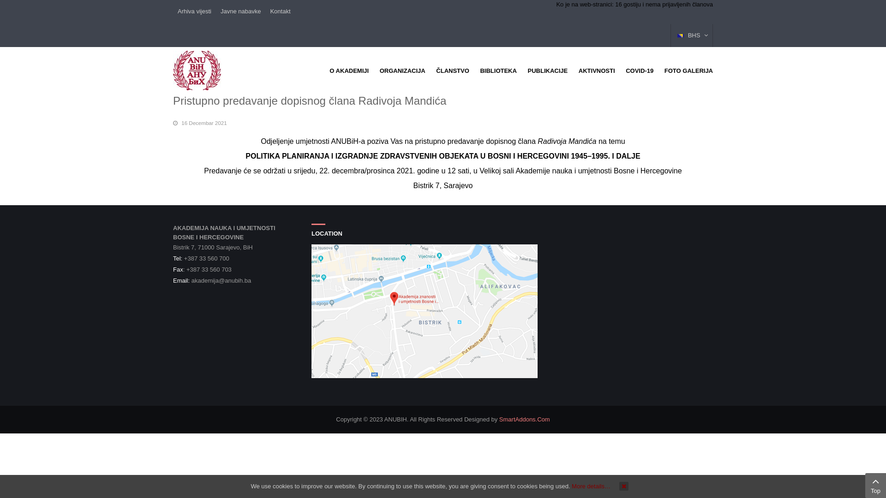 This screenshot has width=886, height=498. What do you see at coordinates (240, 11) in the screenshot?
I see `'Javne nabavke'` at bounding box center [240, 11].